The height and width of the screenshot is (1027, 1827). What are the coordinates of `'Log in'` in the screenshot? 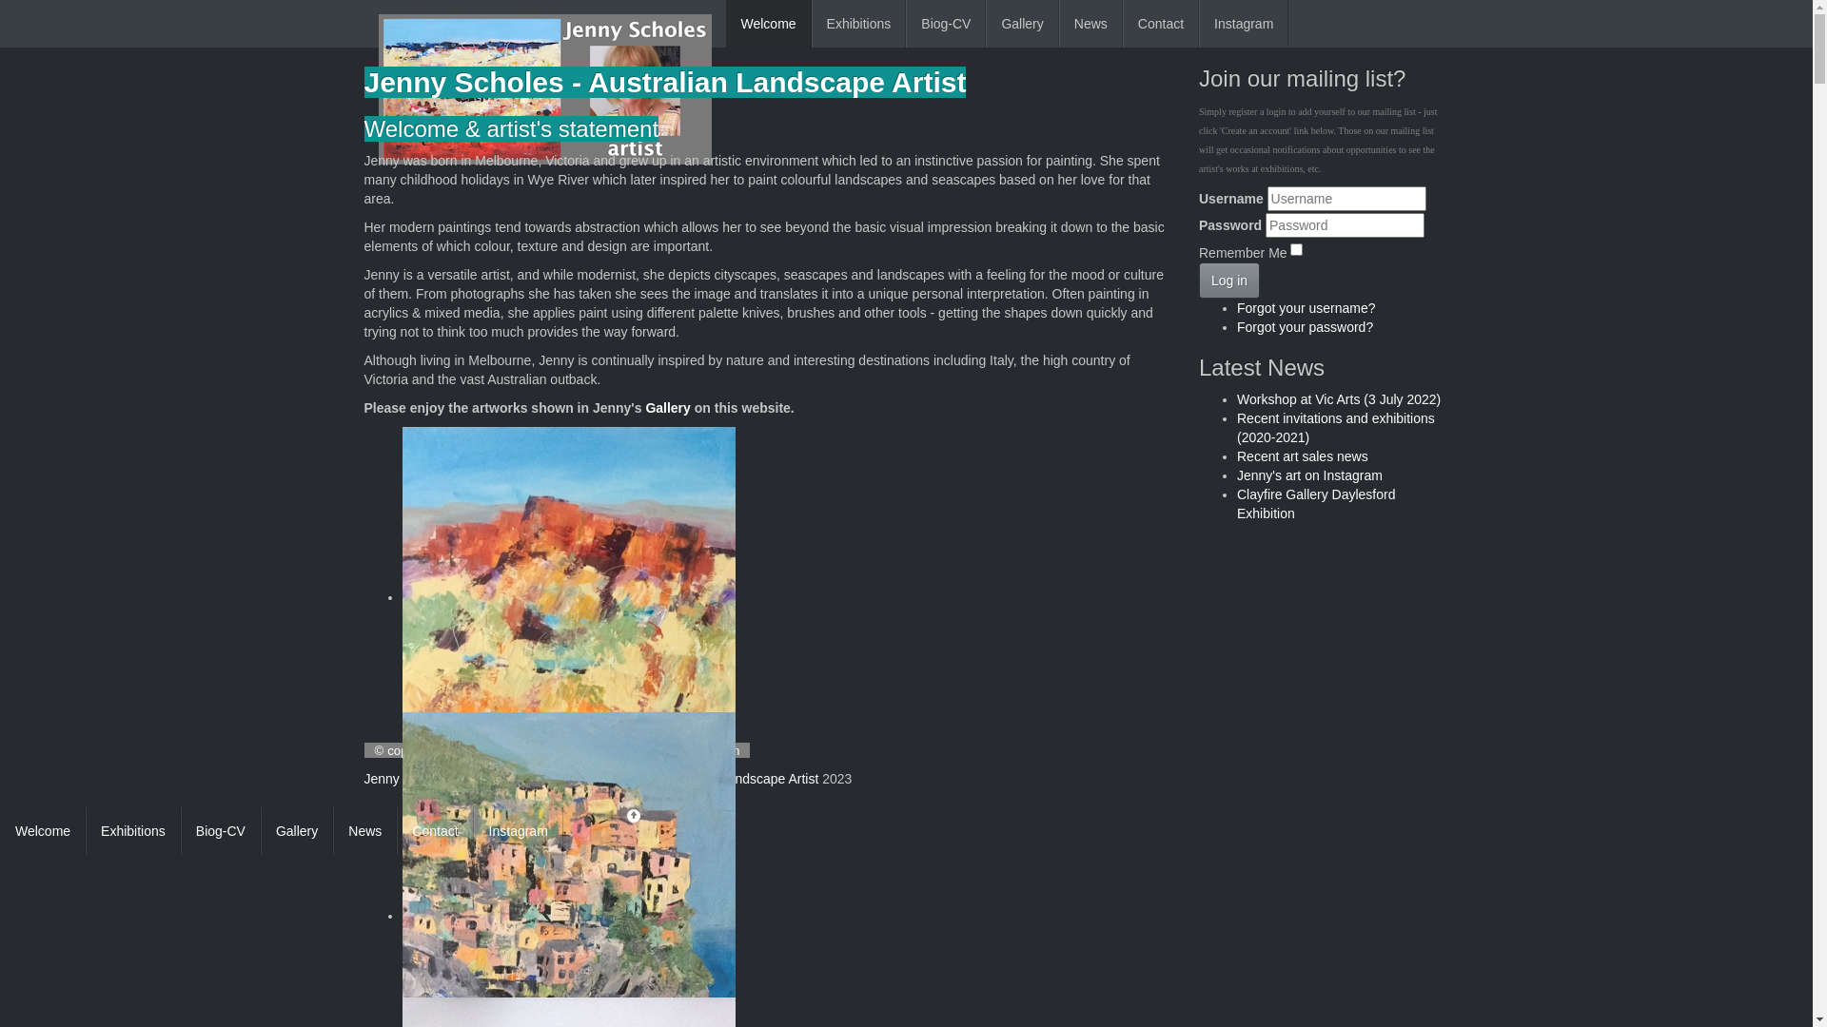 It's located at (1228, 280).